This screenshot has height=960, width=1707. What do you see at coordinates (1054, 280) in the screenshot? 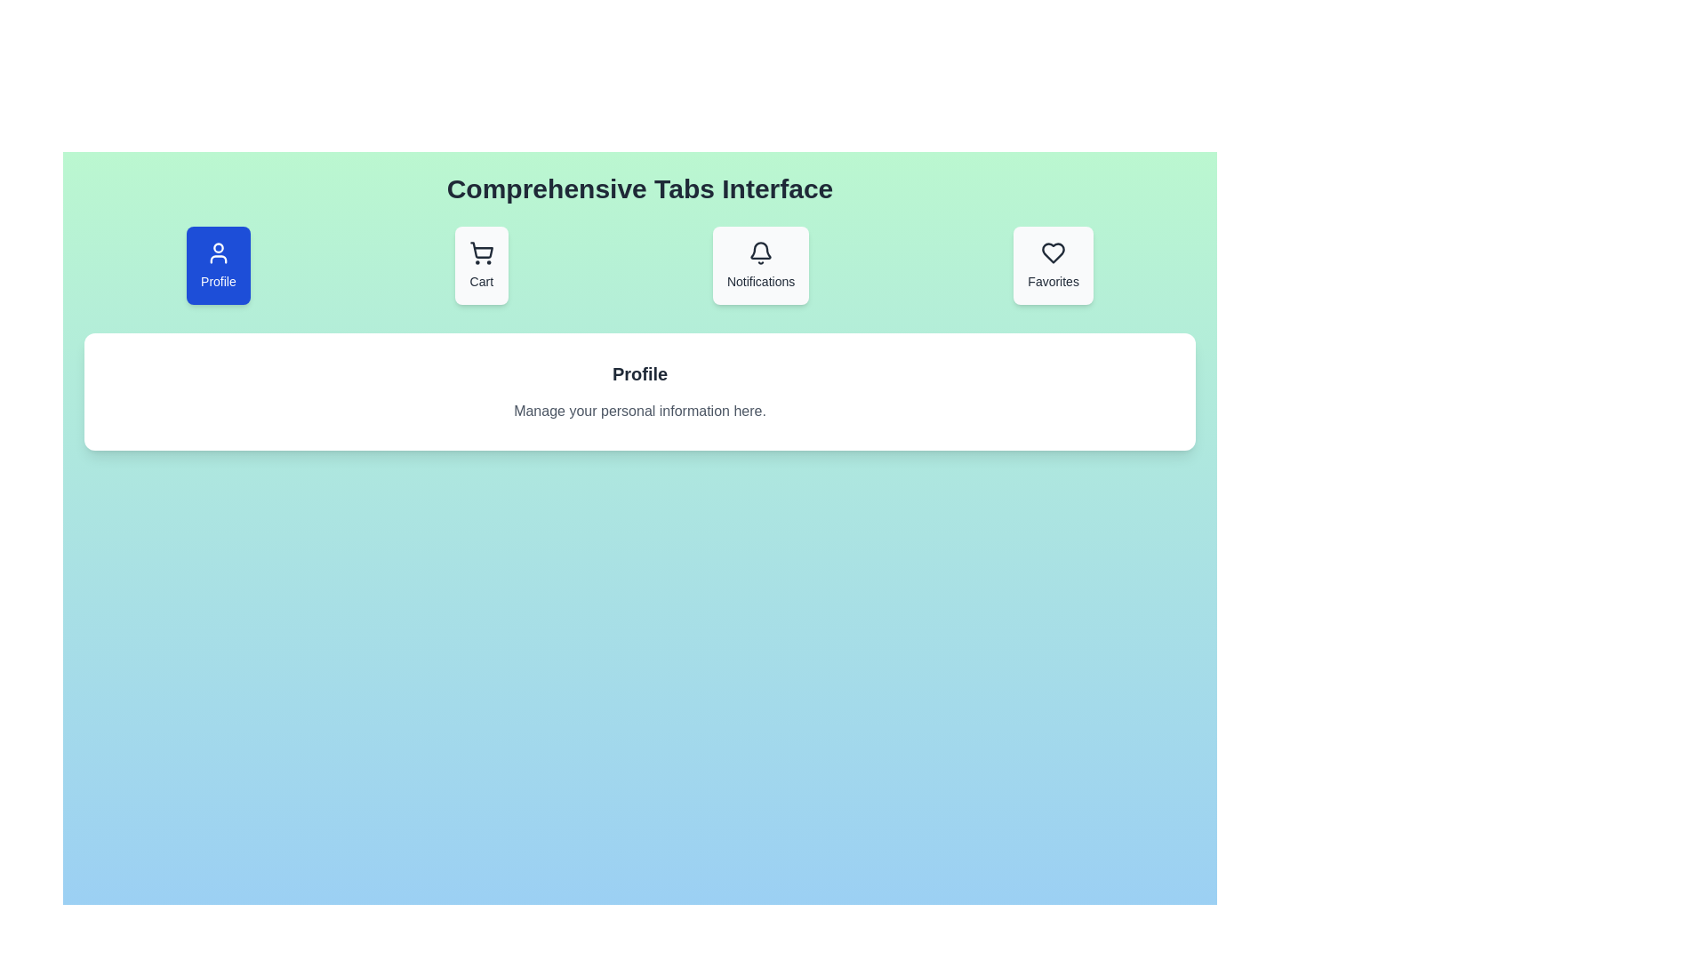
I see `the 'Favorites' text label, which is styled in a muted dark color and positioned below a heart icon in a horizontally aligned list of buttons` at bounding box center [1054, 280].